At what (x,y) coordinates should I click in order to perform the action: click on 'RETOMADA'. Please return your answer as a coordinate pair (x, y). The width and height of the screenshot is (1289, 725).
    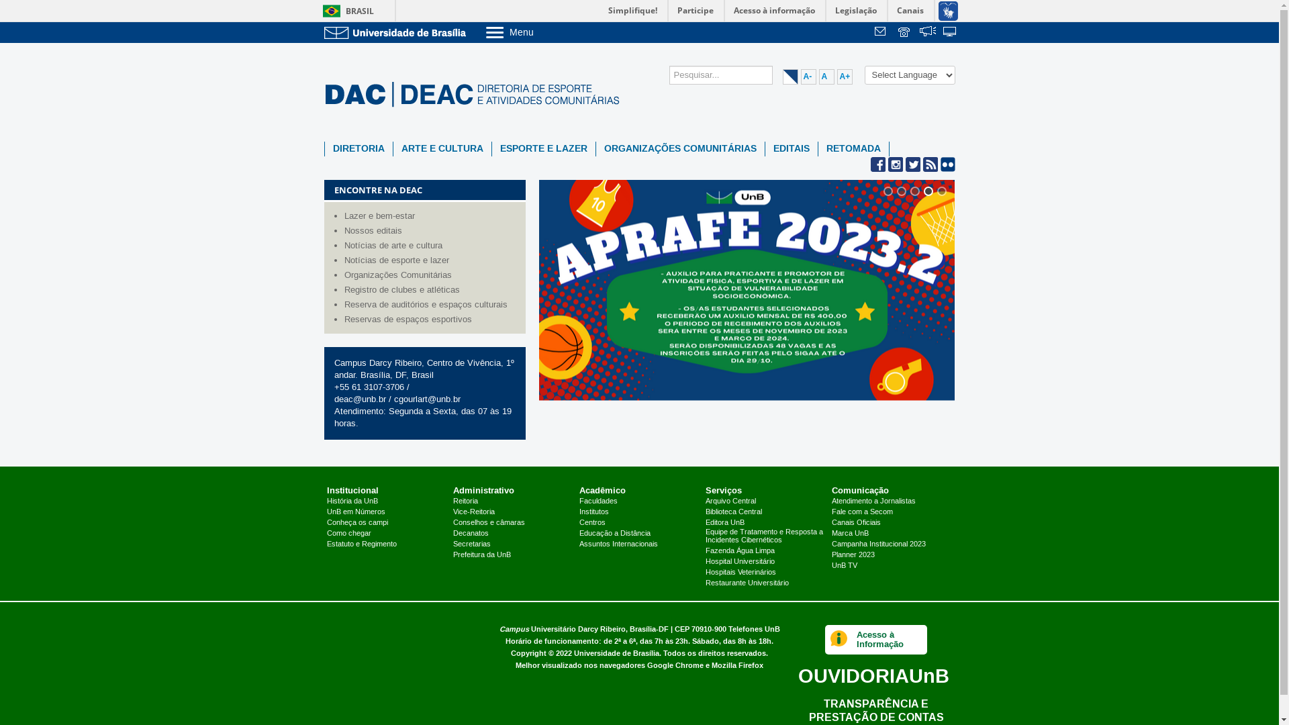
    Looking at the image, I should click on (852, 149).